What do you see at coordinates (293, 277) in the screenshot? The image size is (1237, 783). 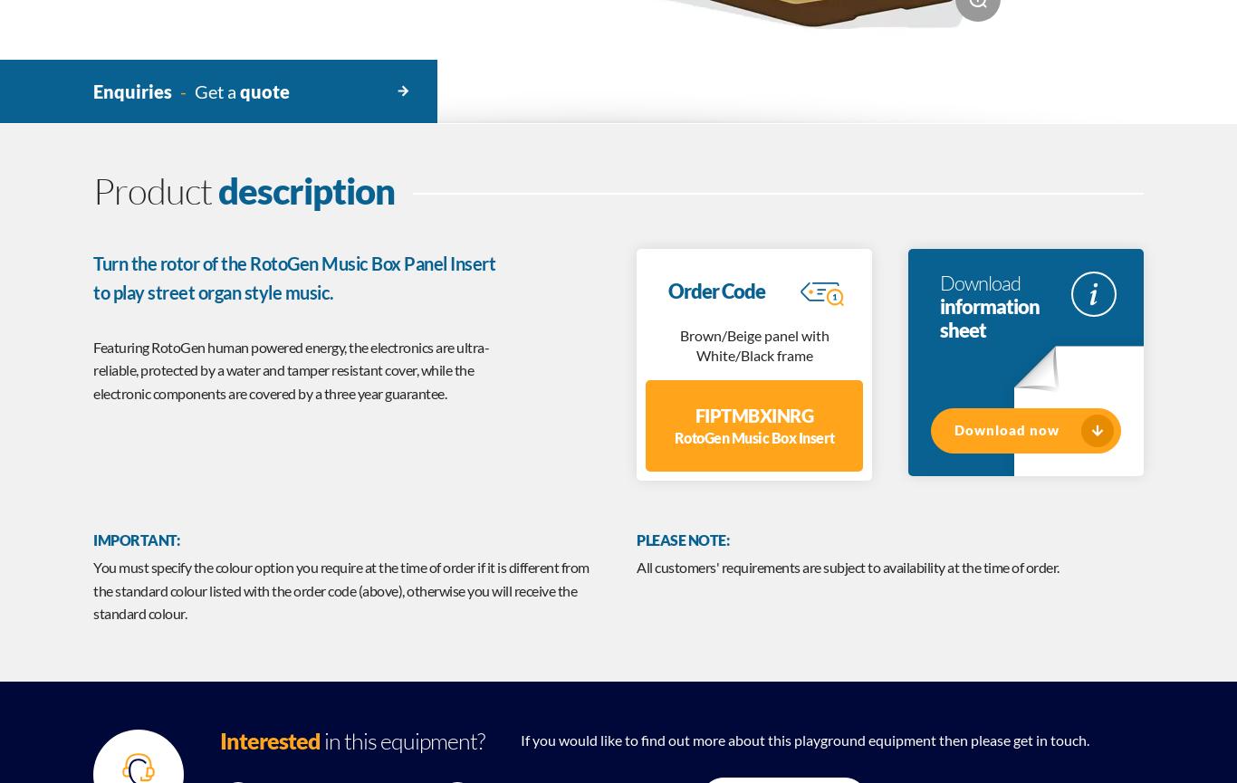 I see `'Turn the rotor of the RotoGen Music Box Panel Insert to play street organ style music.'` at bounding box center [293, 277].